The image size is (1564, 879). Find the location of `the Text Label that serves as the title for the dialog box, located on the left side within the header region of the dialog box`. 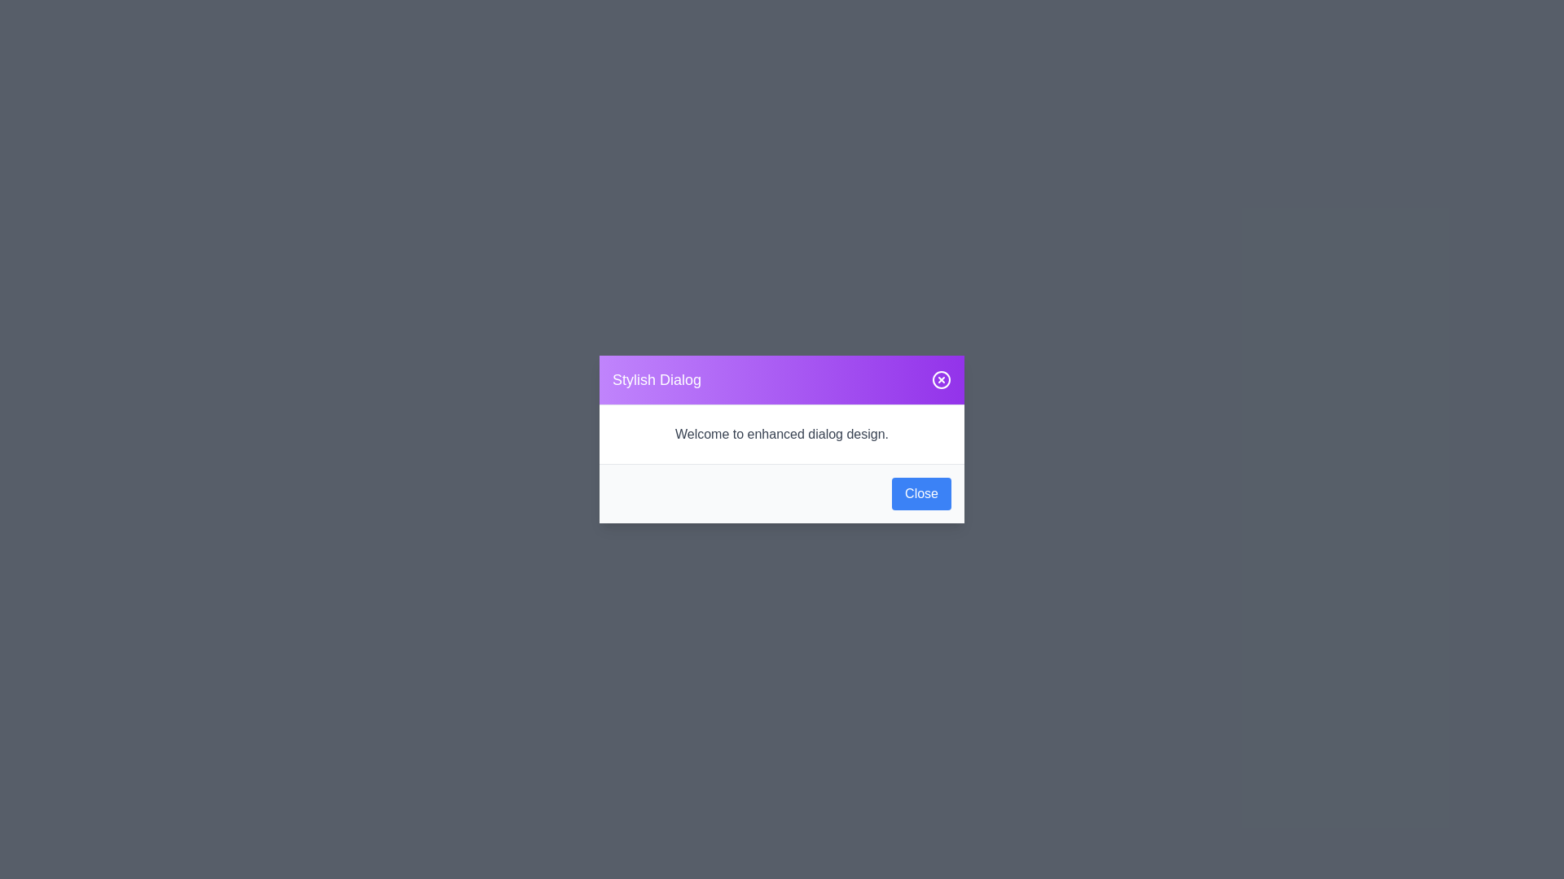

the Text Label that serves as the title for the dialog box, located on the left side within the header region of the dialog box is located at coordinates (657, 379).